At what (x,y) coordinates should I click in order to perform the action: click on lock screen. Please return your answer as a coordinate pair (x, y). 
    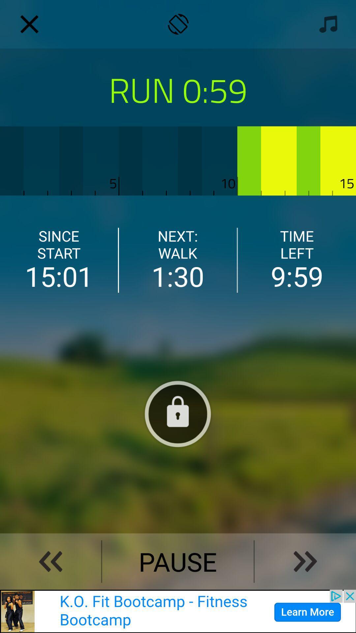
    Looking at the image, I should click on (177, 413).